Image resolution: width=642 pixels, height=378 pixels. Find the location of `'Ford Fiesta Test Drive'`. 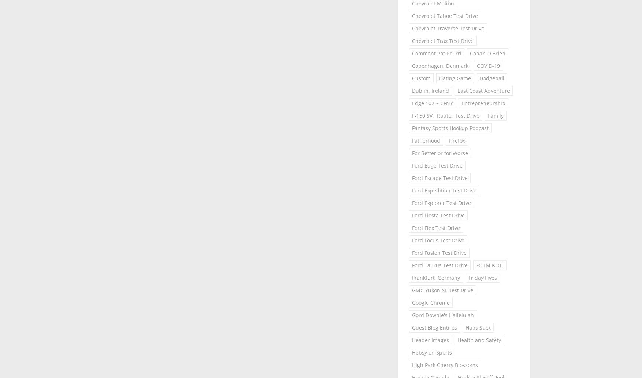

'Ford Fiesta Test Drive' is located at coordinates (438, 214).